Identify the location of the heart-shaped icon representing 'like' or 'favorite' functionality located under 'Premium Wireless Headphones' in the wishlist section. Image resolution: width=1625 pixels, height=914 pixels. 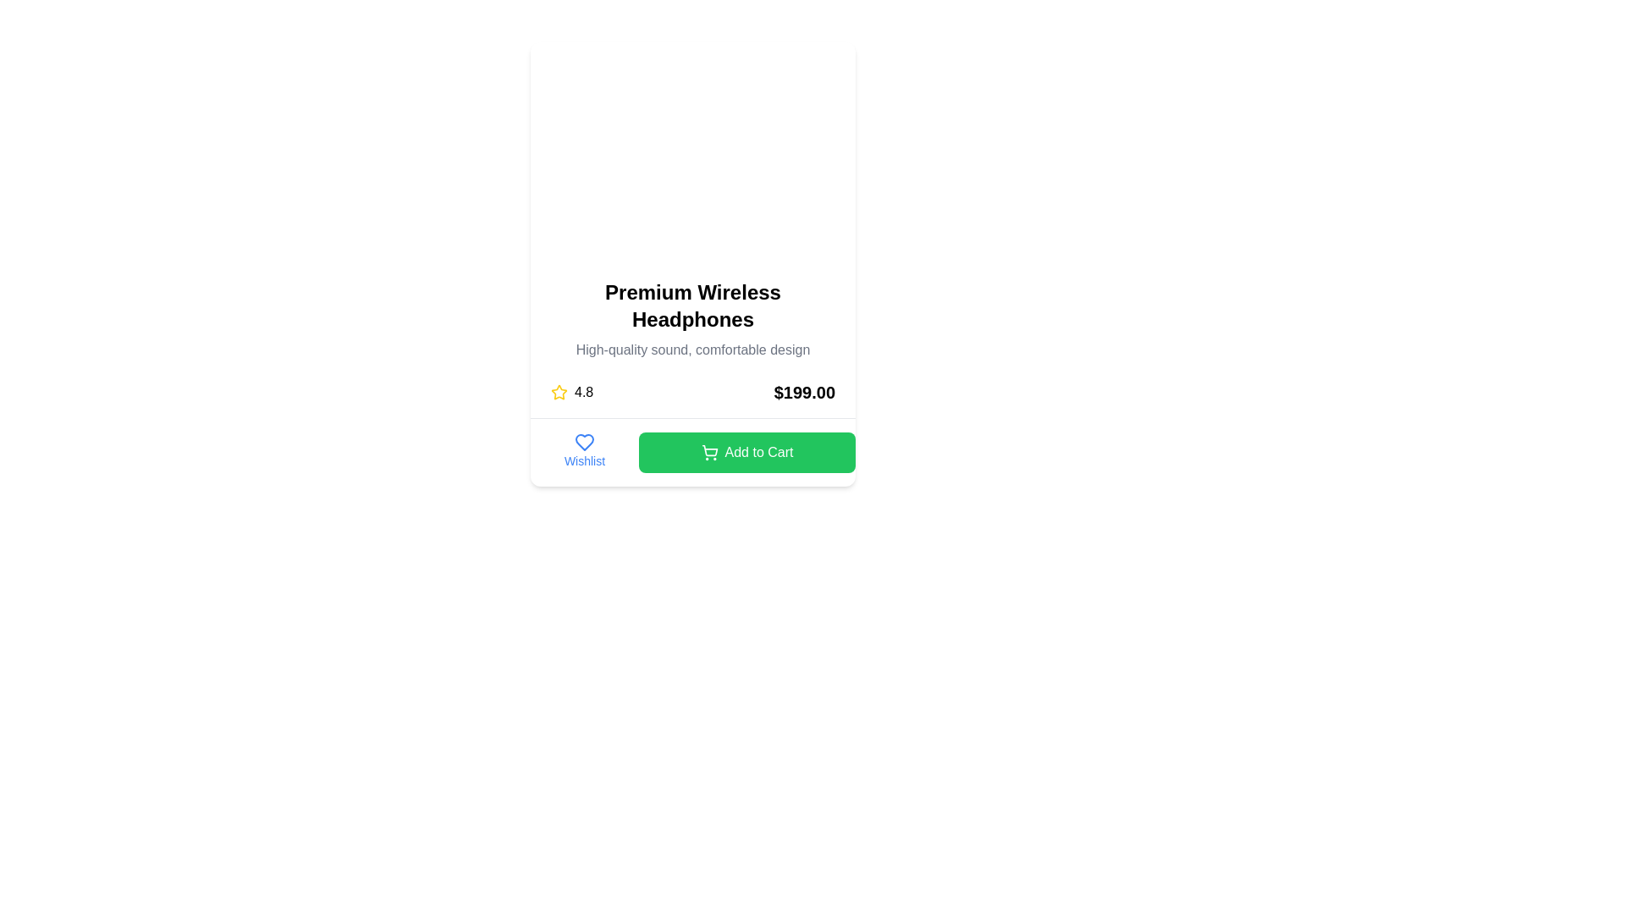
(585, 442).